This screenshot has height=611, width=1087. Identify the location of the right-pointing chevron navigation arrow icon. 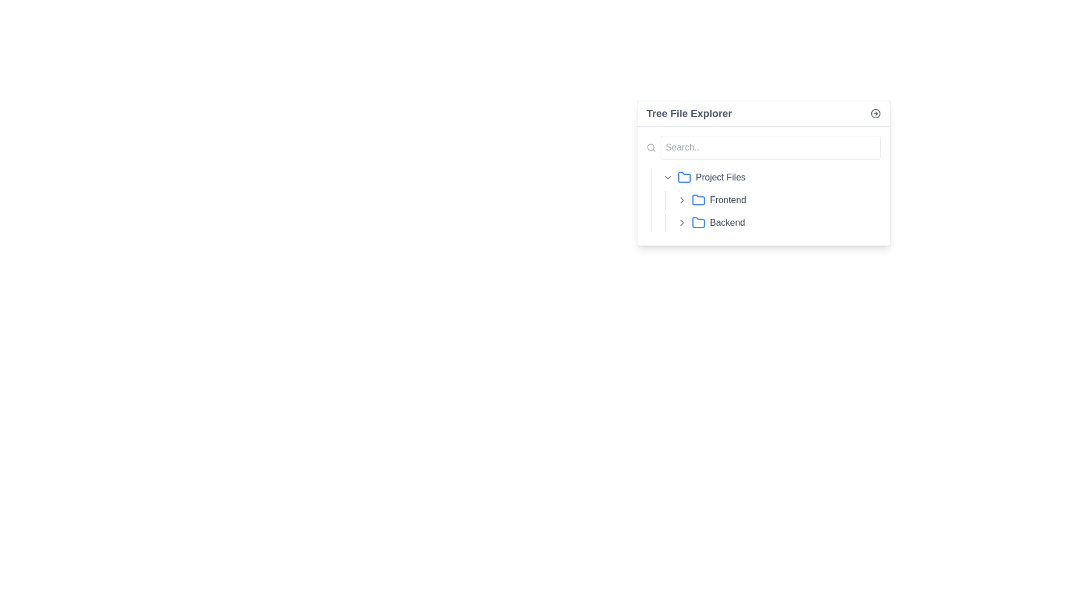
(681, 200).